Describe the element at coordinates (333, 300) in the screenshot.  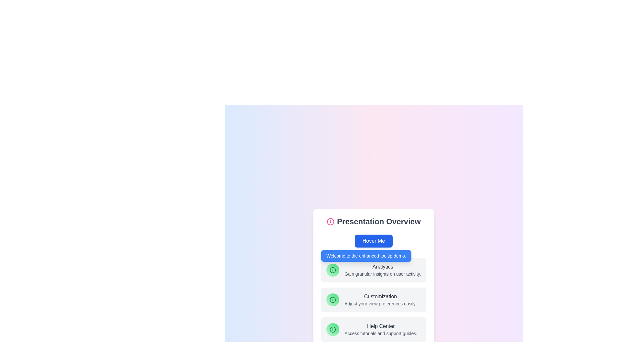
I see `the green circular icon with a white bordered information symbol located in the second row under the 'Customization' section of the informational card layout` at that location.